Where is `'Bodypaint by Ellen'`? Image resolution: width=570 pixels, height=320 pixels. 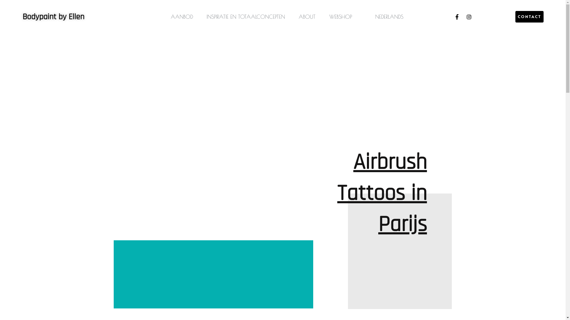 'Bodypaint by Ellen' is located at coordinates (53, 16).